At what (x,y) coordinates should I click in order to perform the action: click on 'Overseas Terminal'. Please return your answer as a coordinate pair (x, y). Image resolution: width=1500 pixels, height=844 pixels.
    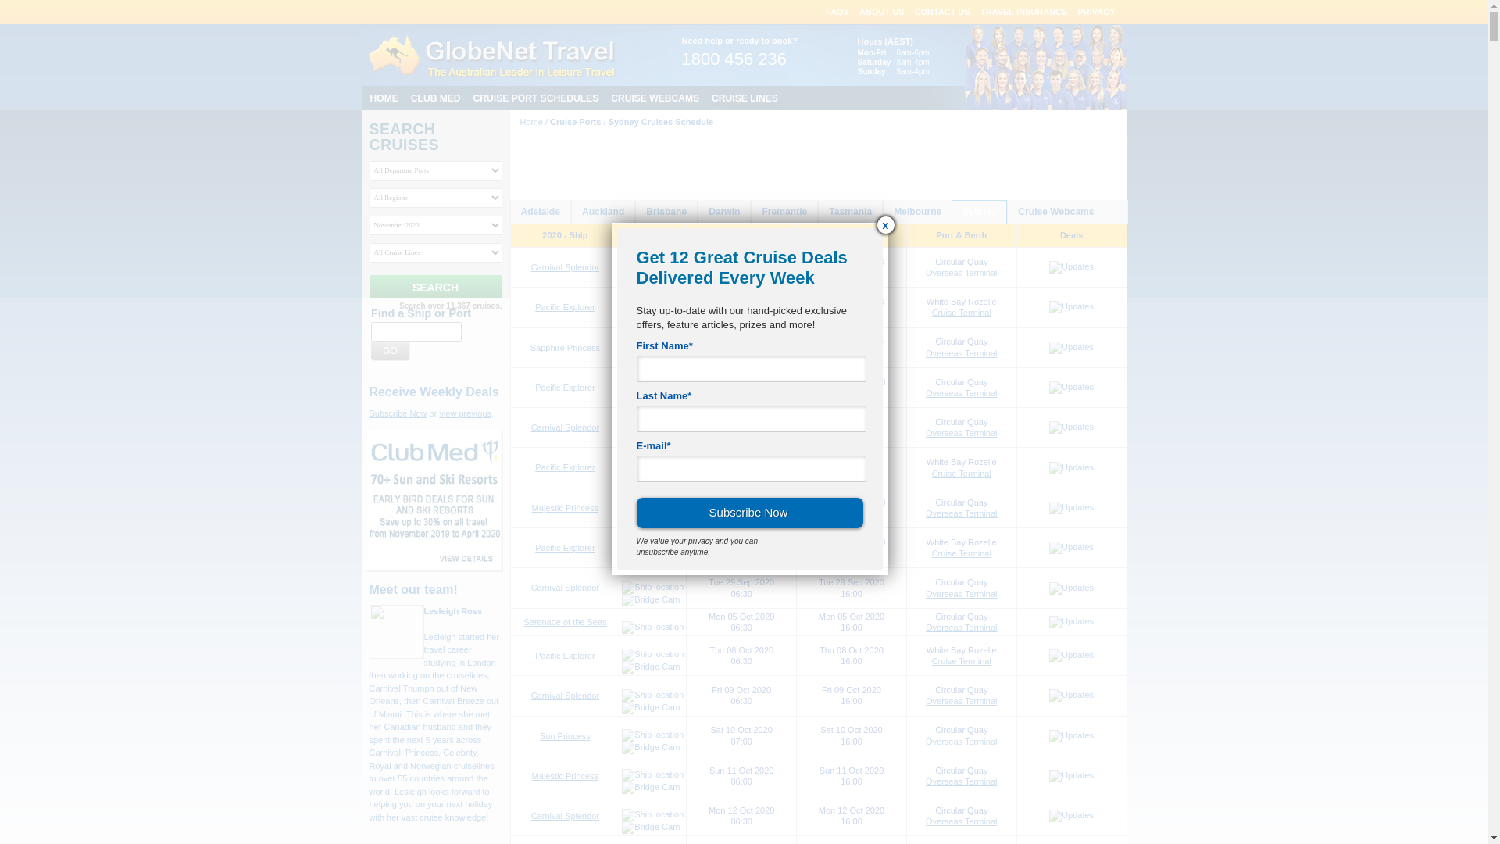
    Looking at the image, I should click on (960, 781).